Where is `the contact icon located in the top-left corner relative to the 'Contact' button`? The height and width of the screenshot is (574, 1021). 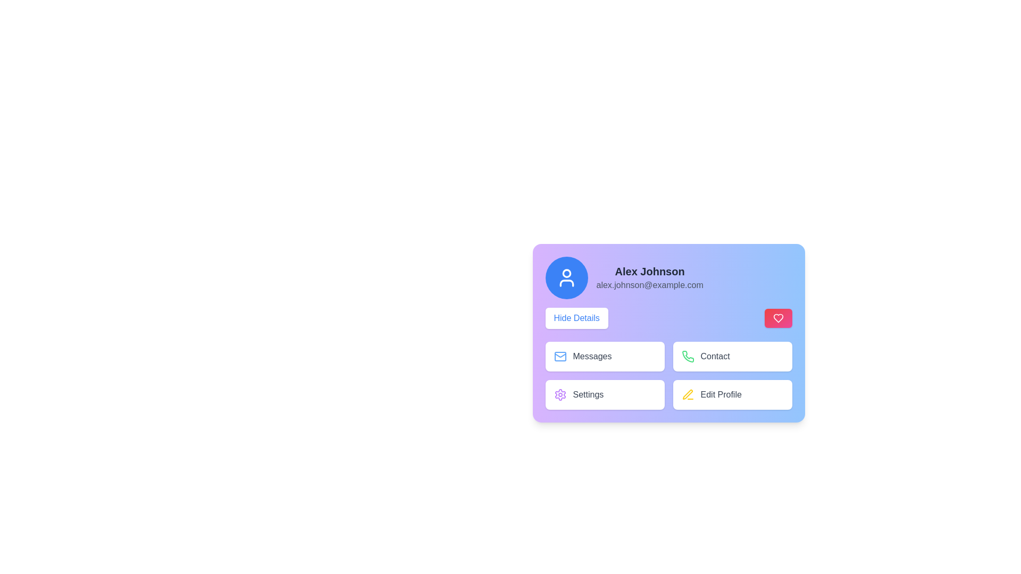
the contact icon located in the top-left corner relative to the 'Contact' button is located at coordinates (688, 357).